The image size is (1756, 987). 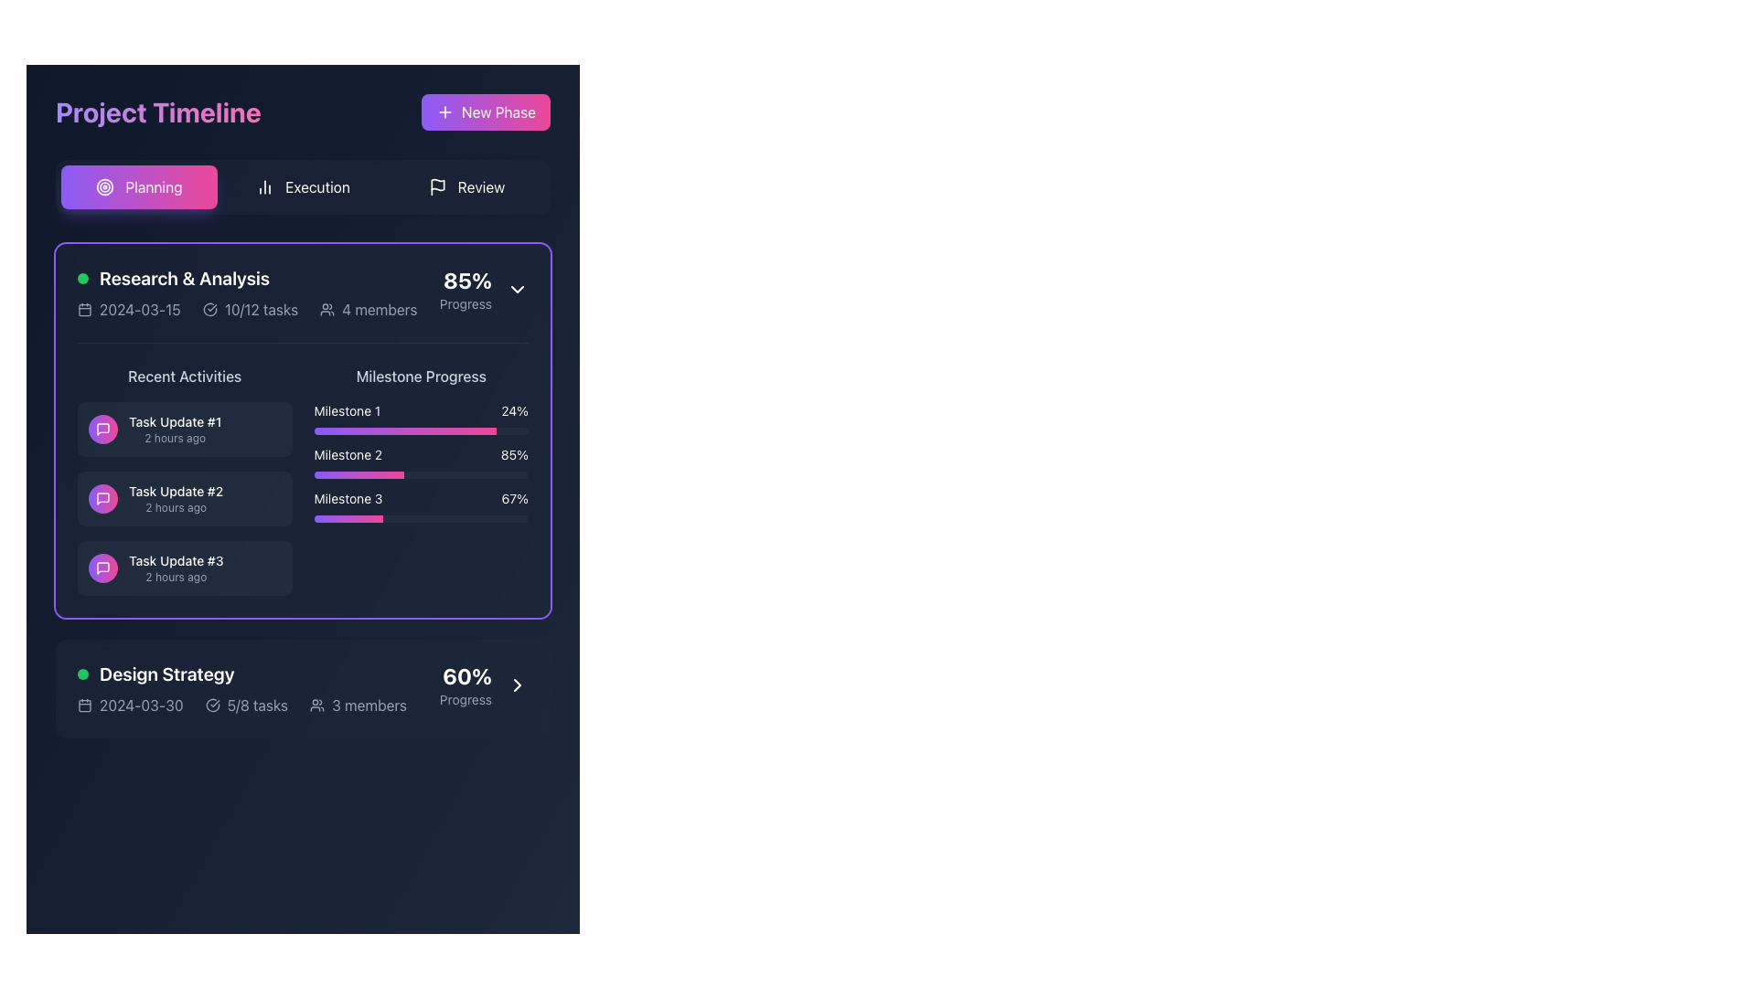 What do you see at coordinates (175, 438) in the screenshot?
I see `the informational label indicating the timestamp of an activity update, located beneath 'Task Update #1' in the 'Recent Activities' list within the 'Research & Analysis' section` at bounding box center [175, 438].